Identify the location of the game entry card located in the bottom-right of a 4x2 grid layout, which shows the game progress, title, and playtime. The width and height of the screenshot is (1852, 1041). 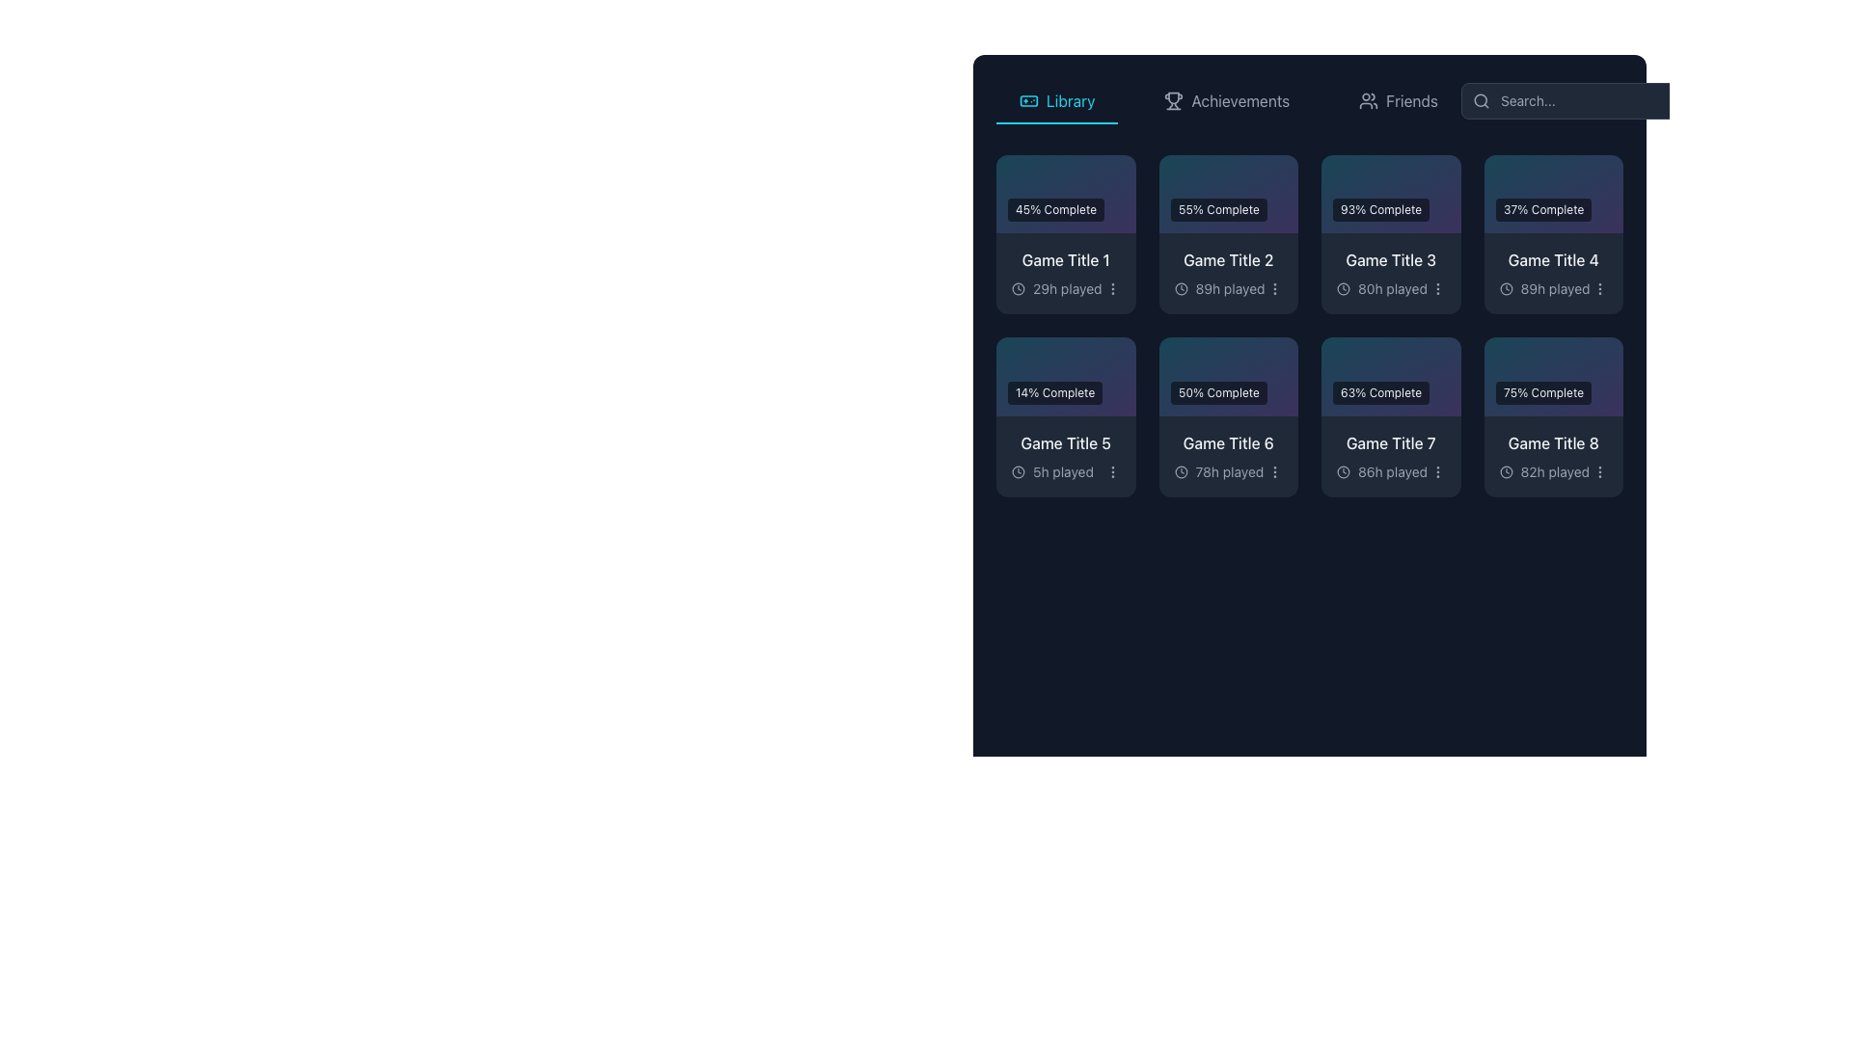
(1553, 415).